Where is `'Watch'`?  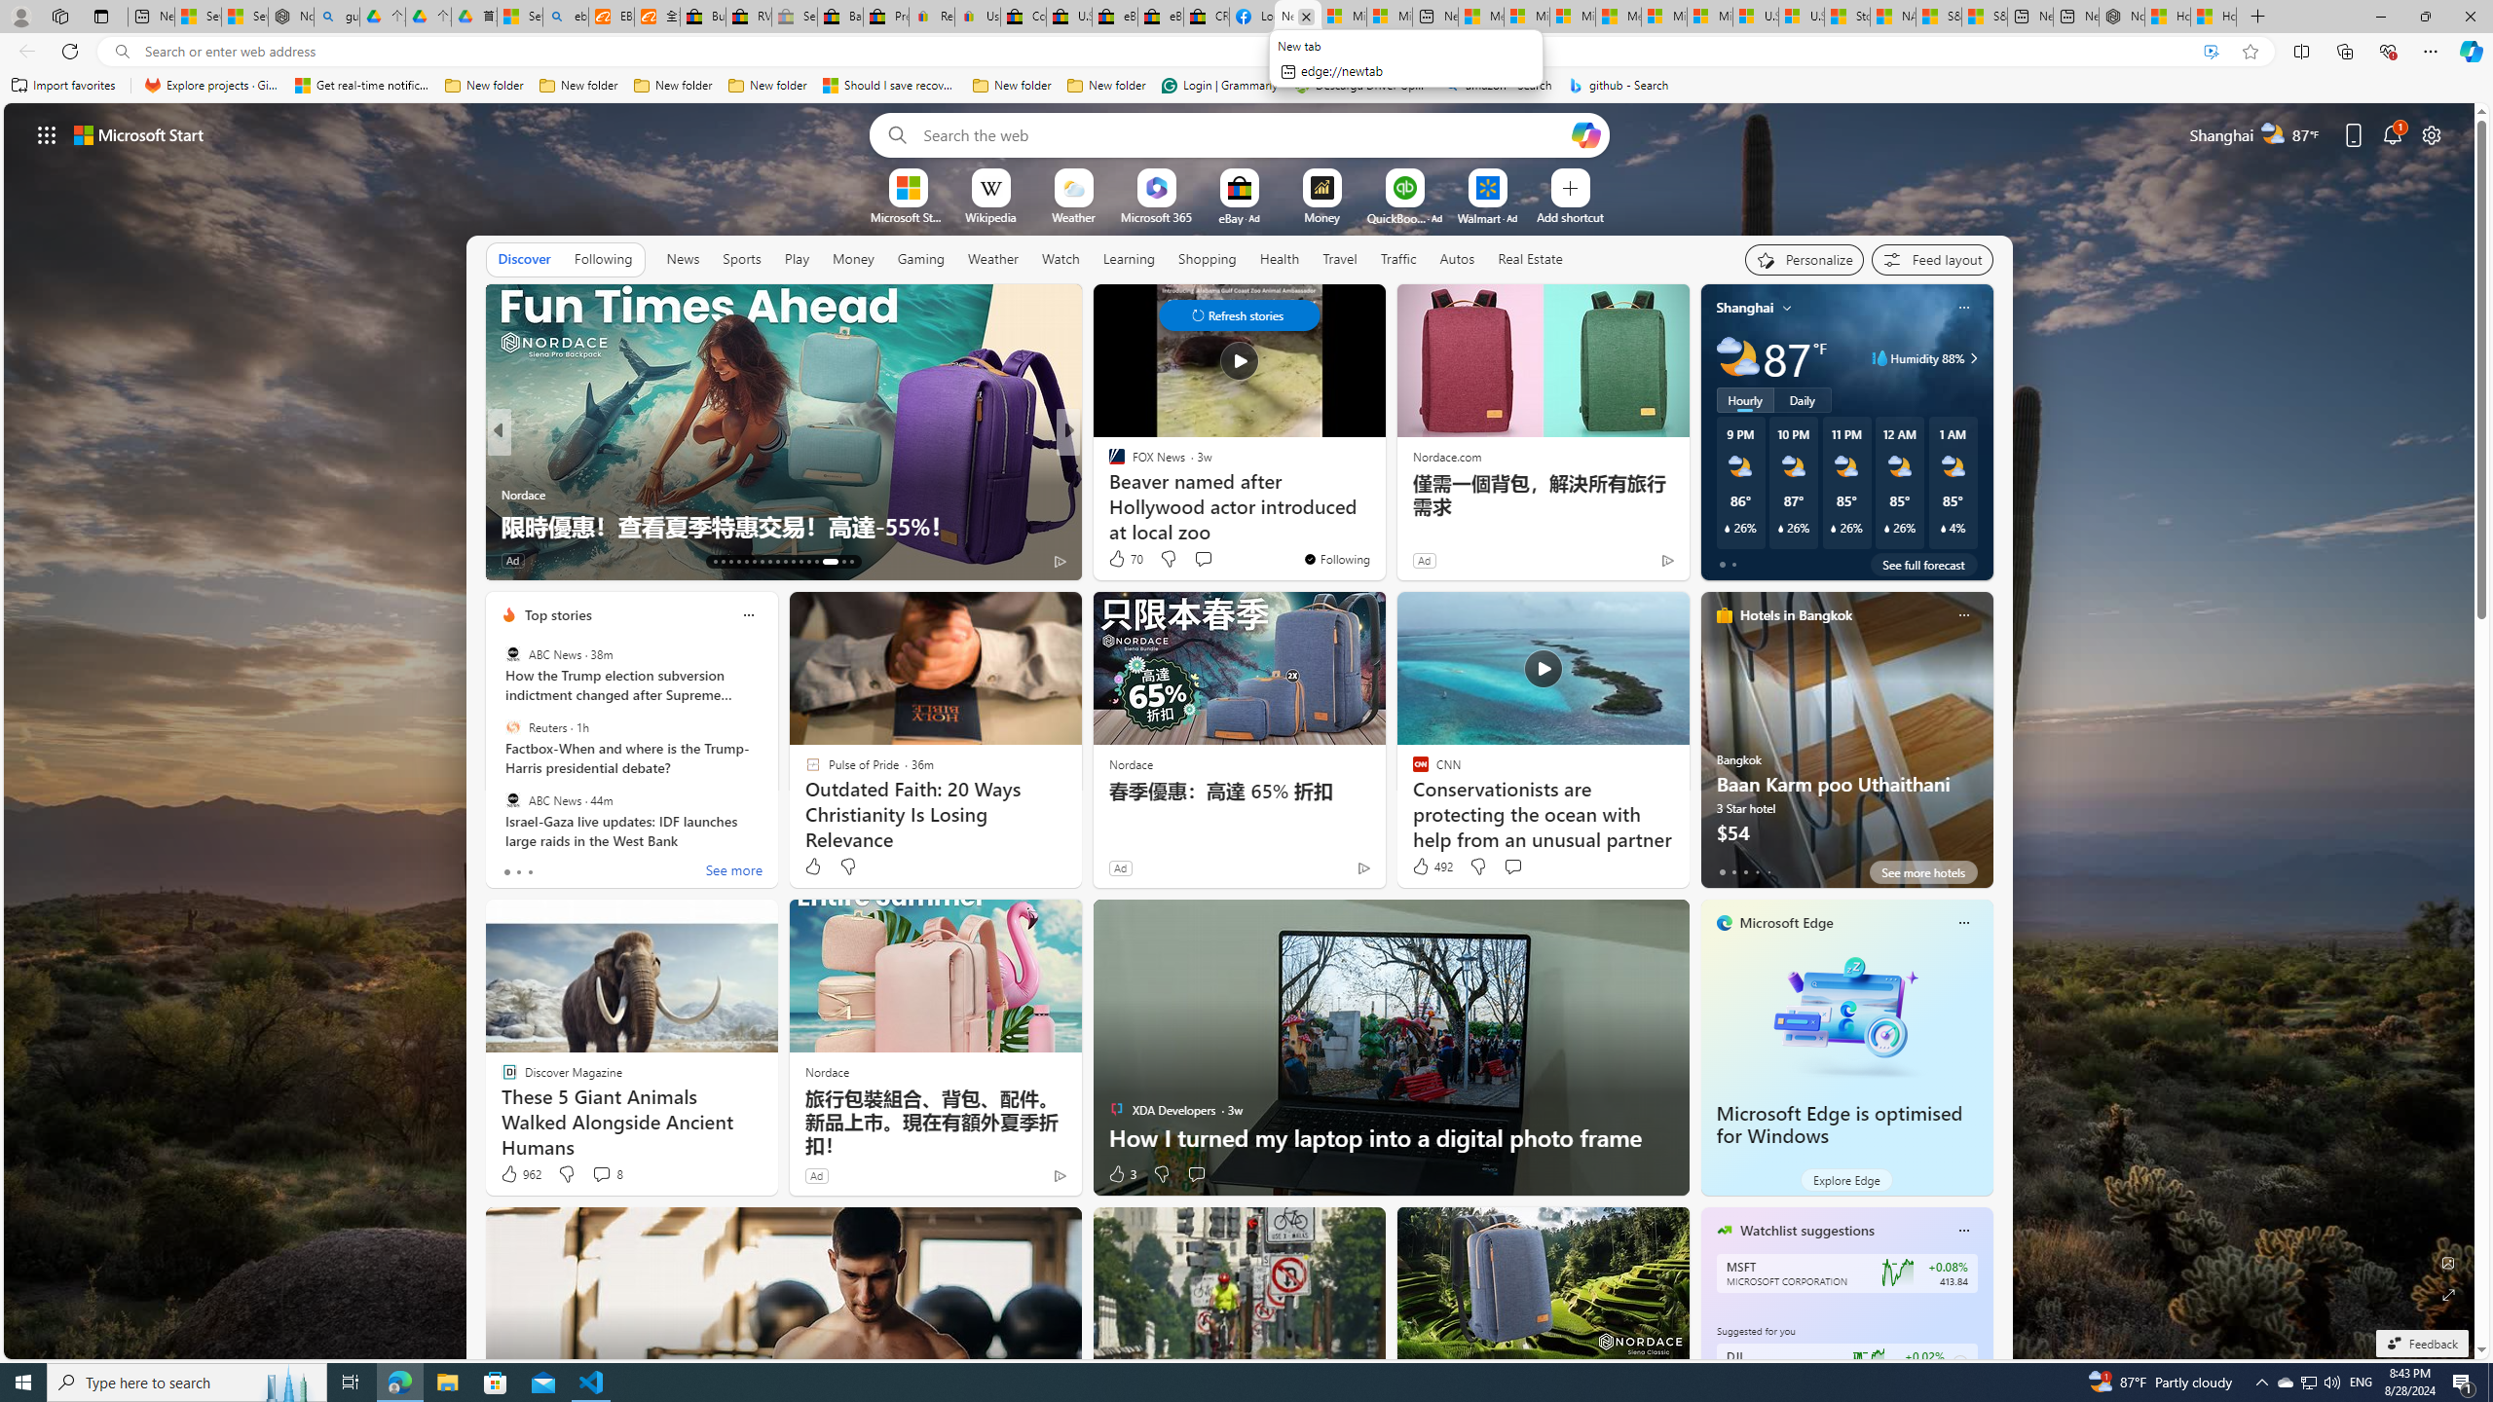
'Watch' is located at coordinates (1060, 258).